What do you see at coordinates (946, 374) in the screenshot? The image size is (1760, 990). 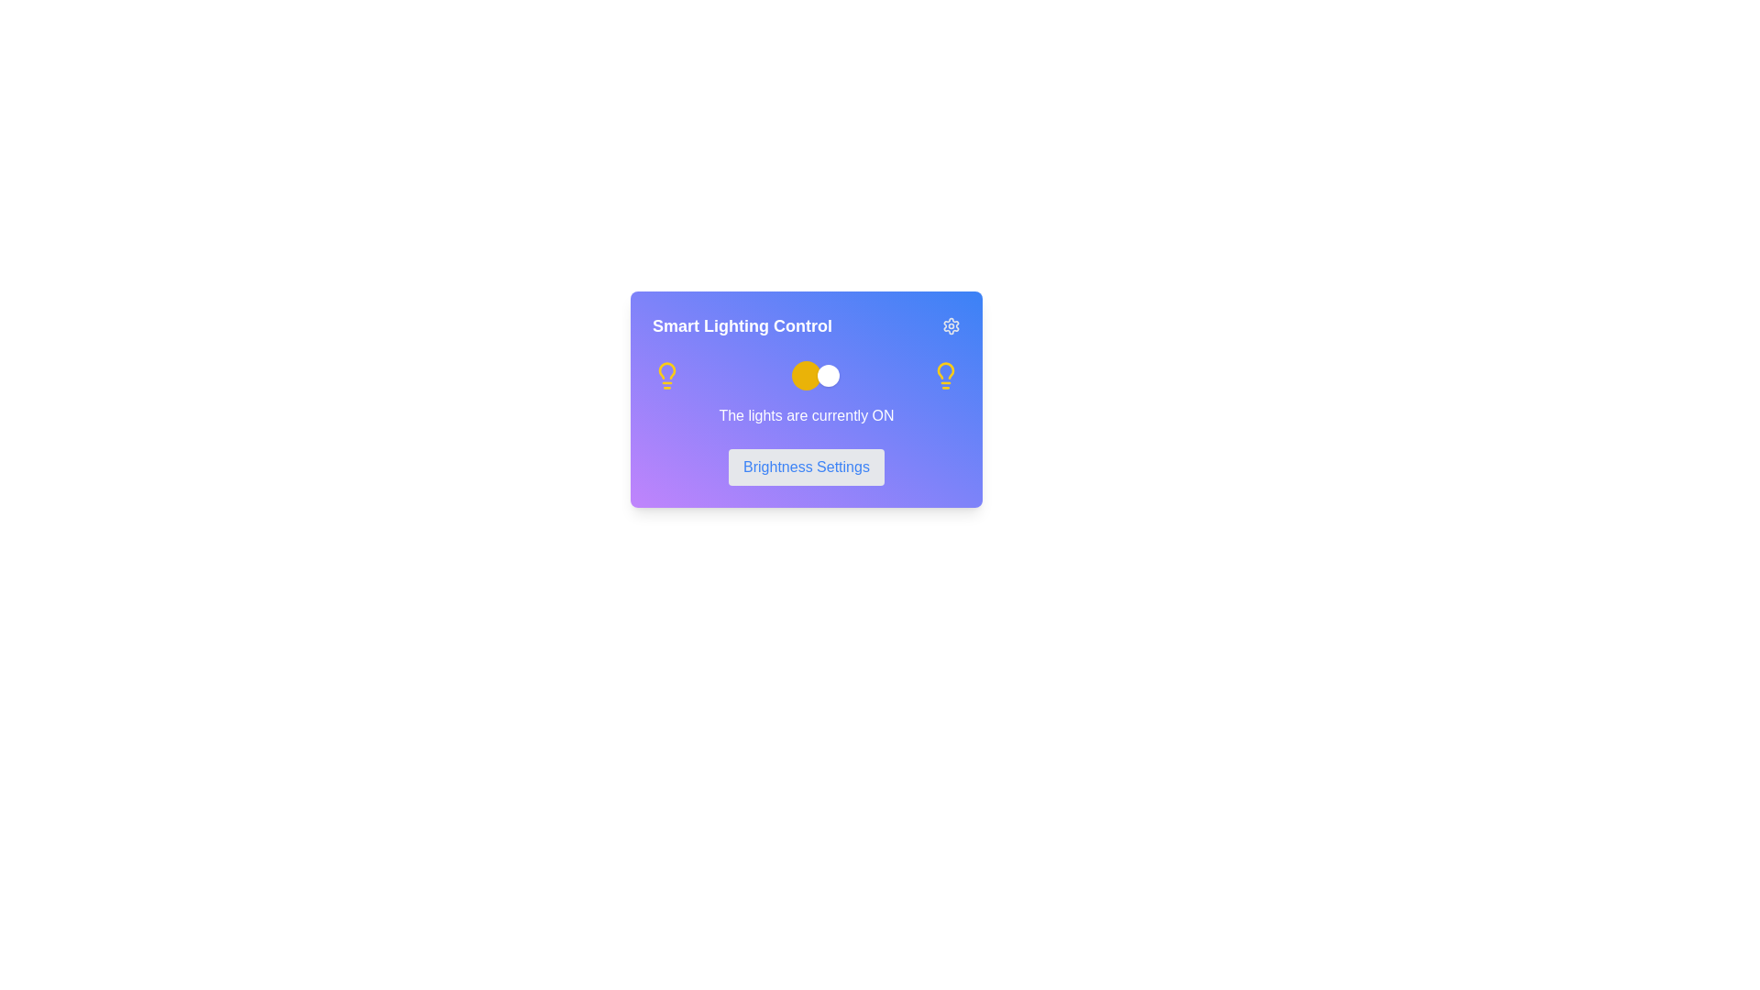 I see `the lighting indicator icon located in the top-right corner of the 'Smart Lighting Control' panel, next to the text 'The lights are currently ON.'` at bounding box center [946, 374].